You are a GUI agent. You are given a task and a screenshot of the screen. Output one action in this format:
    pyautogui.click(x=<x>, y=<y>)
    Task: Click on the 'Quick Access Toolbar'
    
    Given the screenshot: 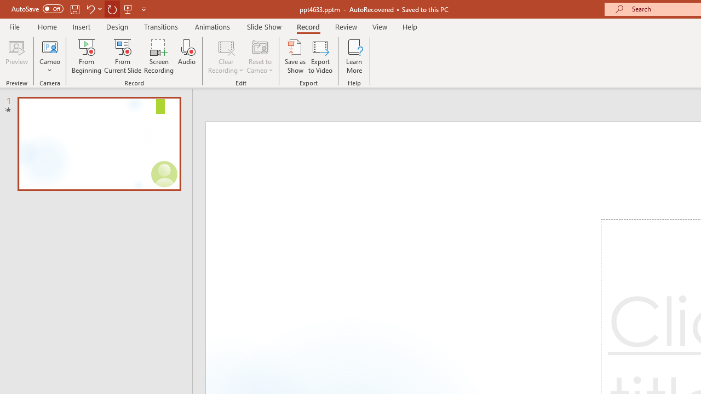 What is the action you would take?
    pyautogui.click(x=79, y=9)
    